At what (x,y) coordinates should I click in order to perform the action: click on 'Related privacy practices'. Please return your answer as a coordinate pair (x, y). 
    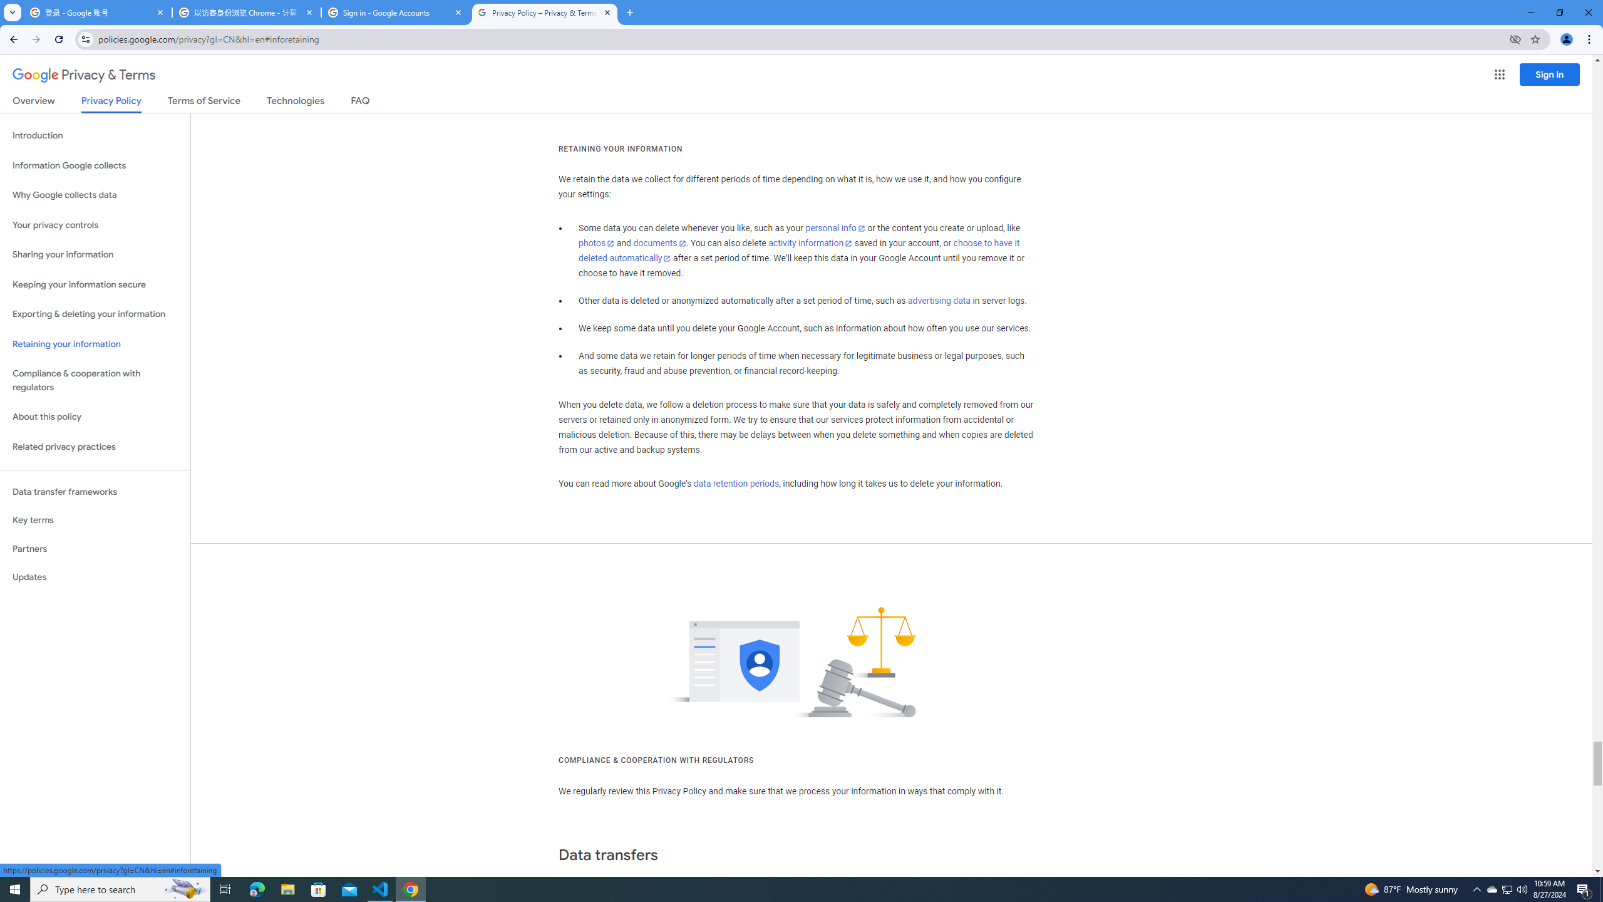
    Looking at the image, I should click on (95, 446).